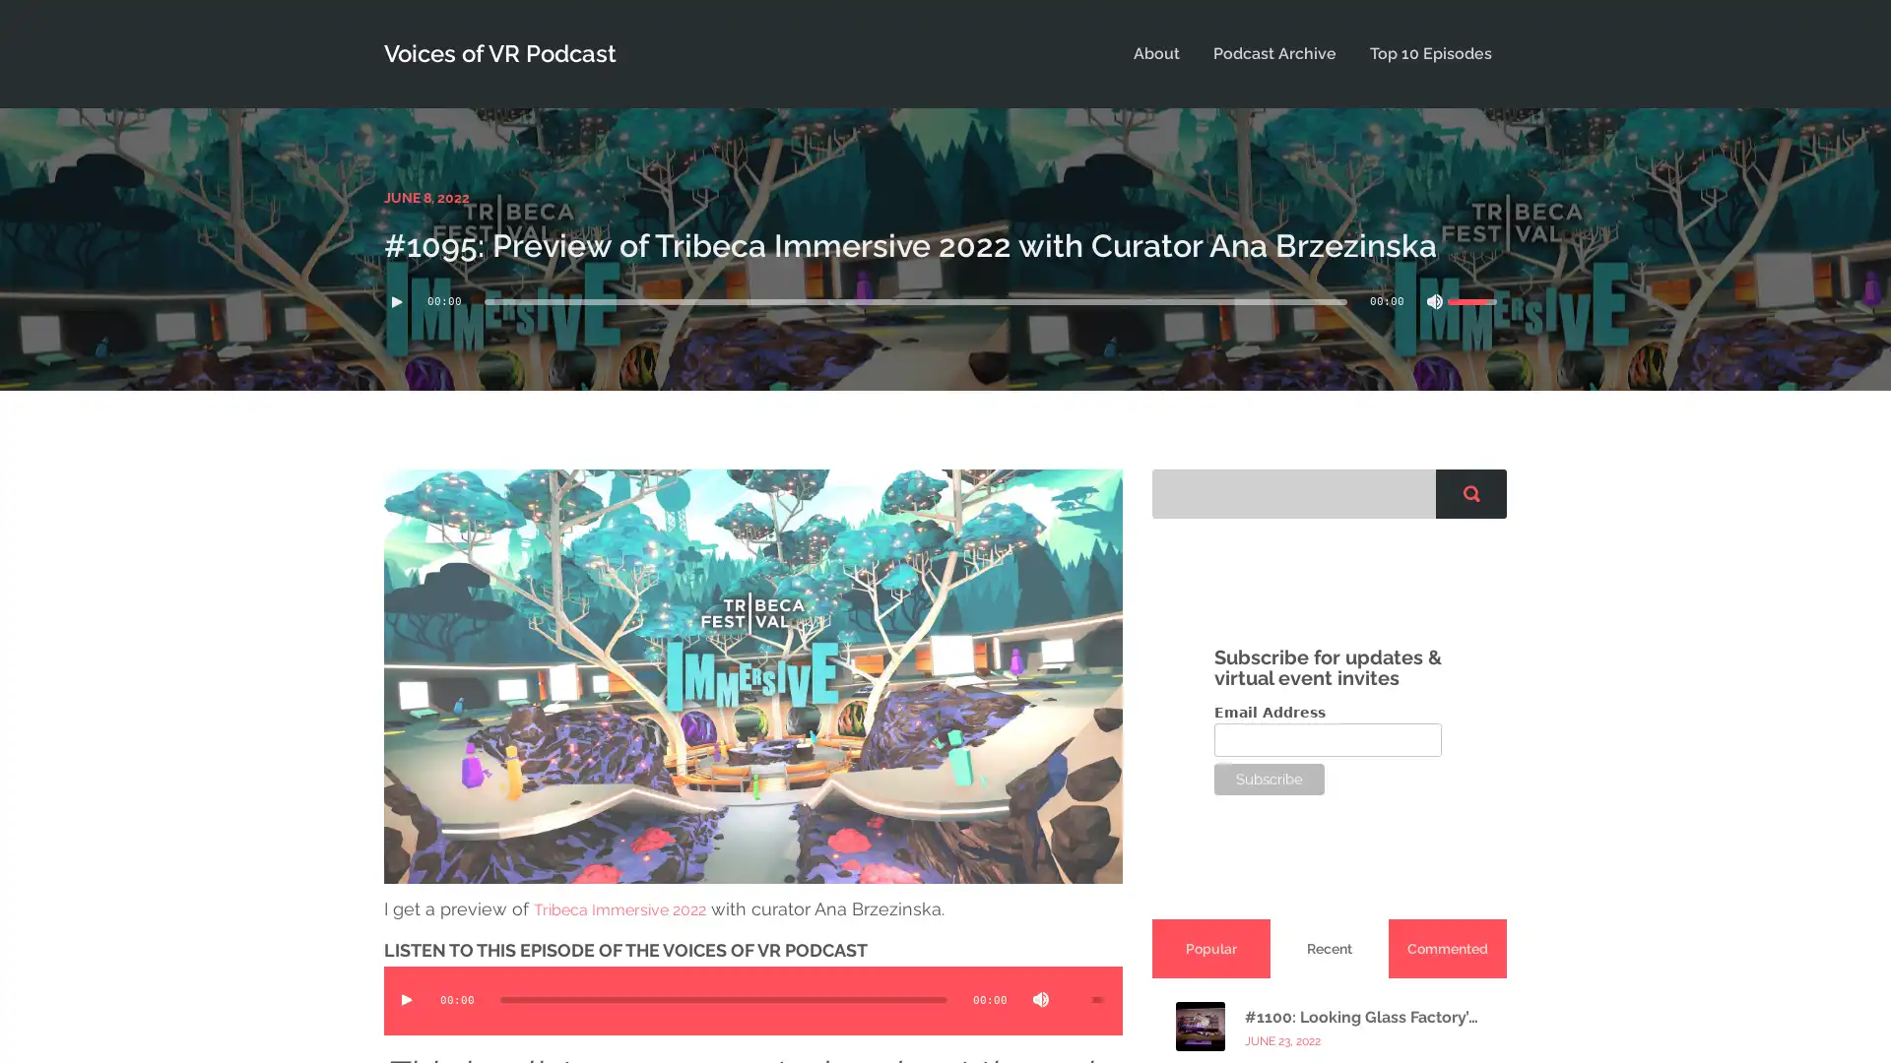  Describe the element at coordinates (1270, 777) in the screenshot. I see `Subscribe` at that location.